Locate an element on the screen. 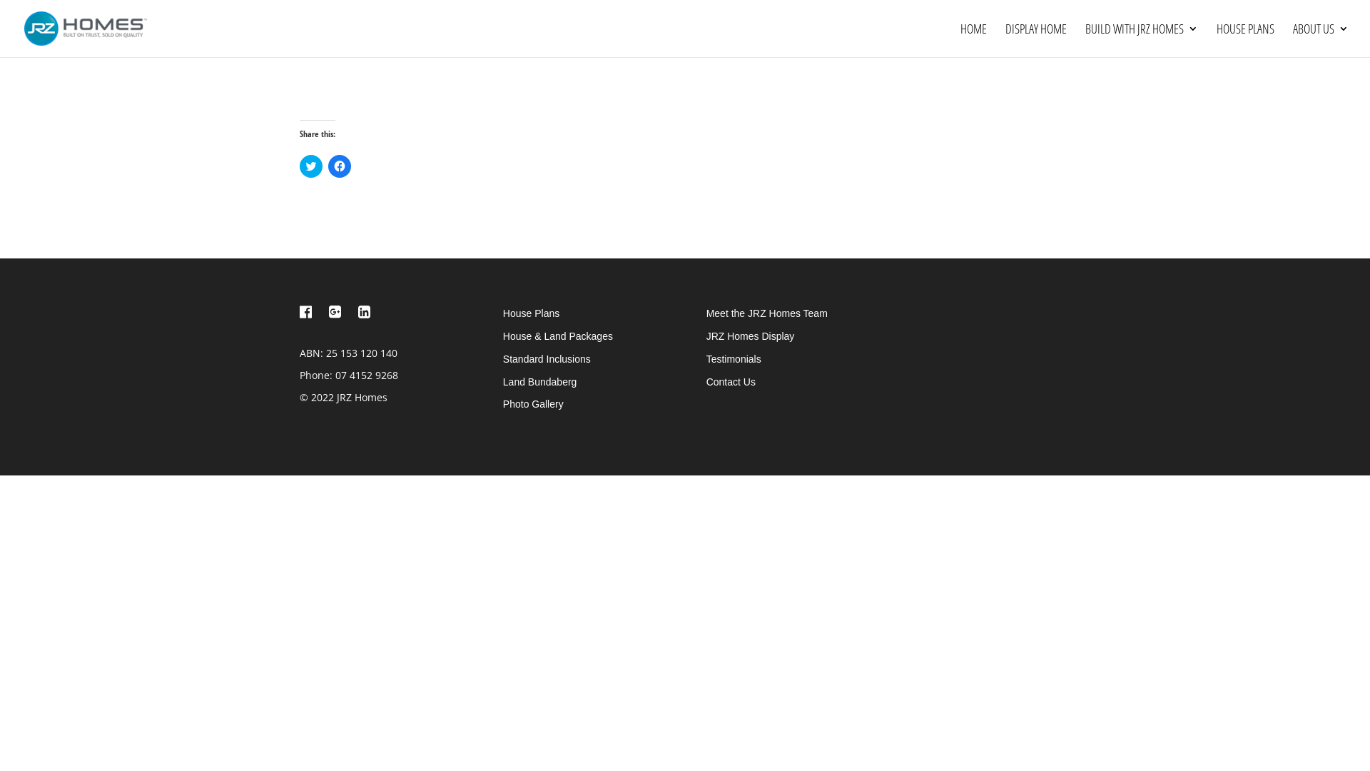  'House & Land Packages' is located at coordinates (557, 336).